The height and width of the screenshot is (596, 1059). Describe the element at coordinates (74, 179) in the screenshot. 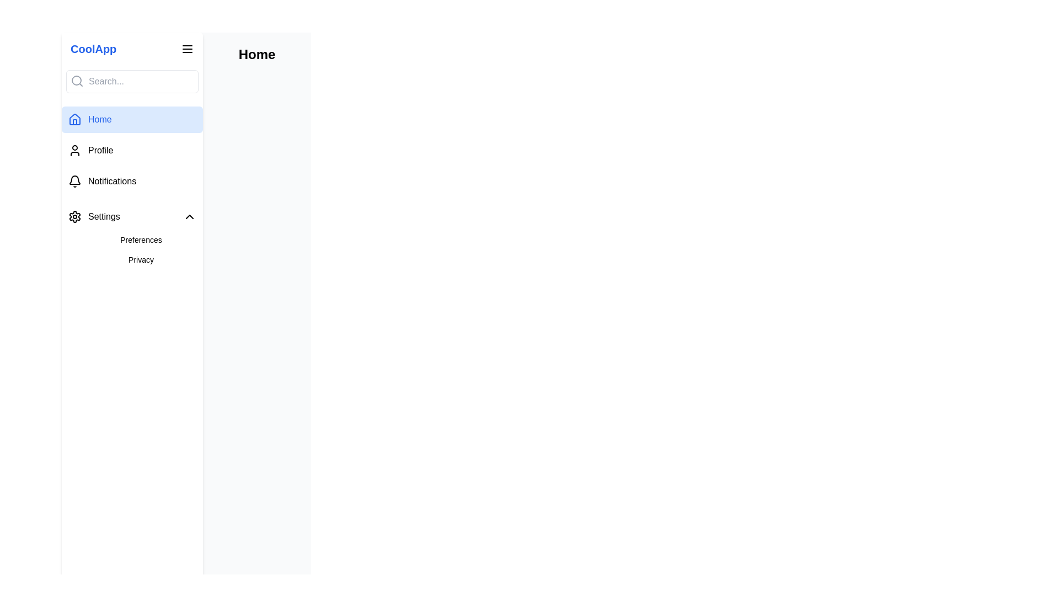

I see `the notifications icon located in the left-hand navigation bar, which is the second icon from the top` at that location.